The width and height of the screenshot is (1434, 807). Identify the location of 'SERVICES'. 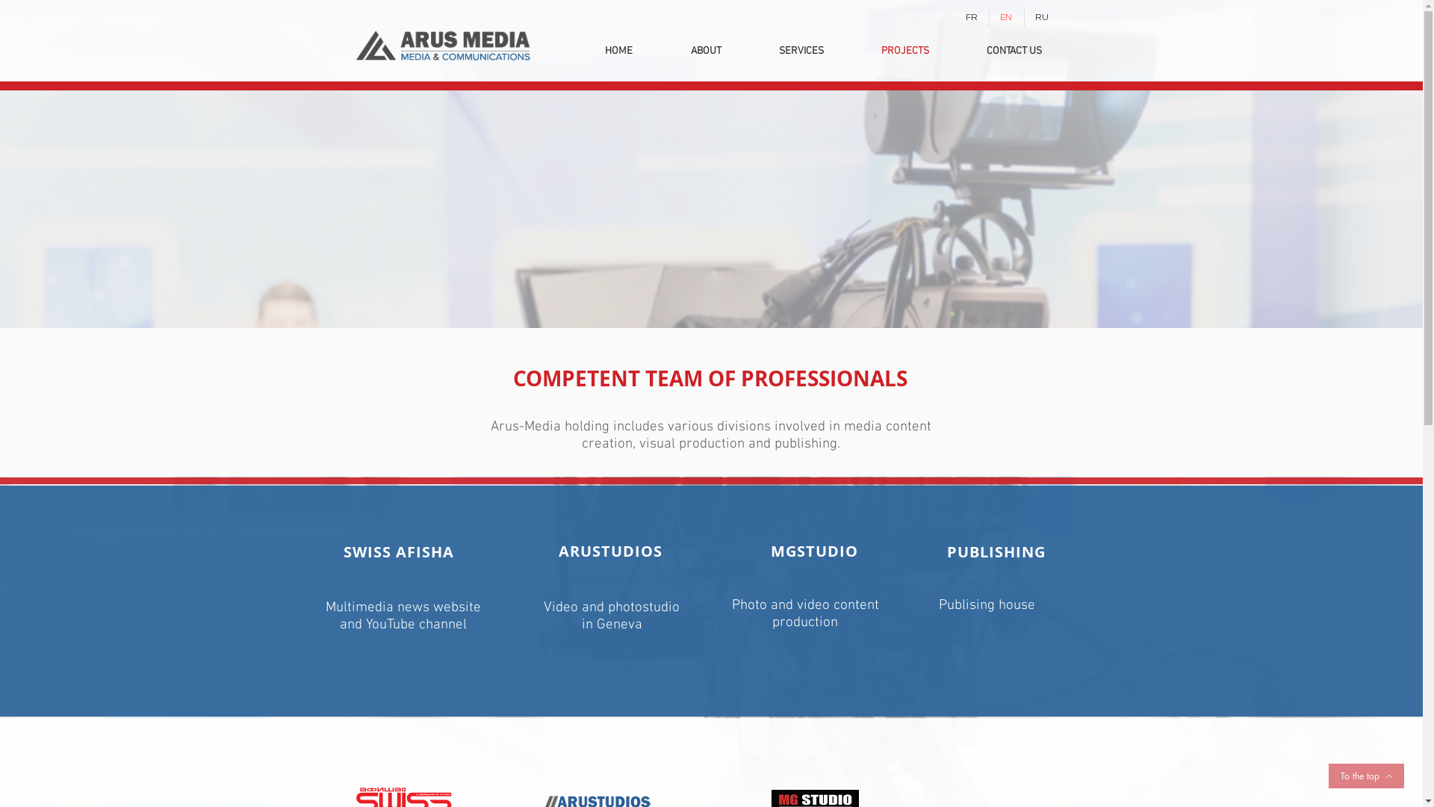
(800, 50).